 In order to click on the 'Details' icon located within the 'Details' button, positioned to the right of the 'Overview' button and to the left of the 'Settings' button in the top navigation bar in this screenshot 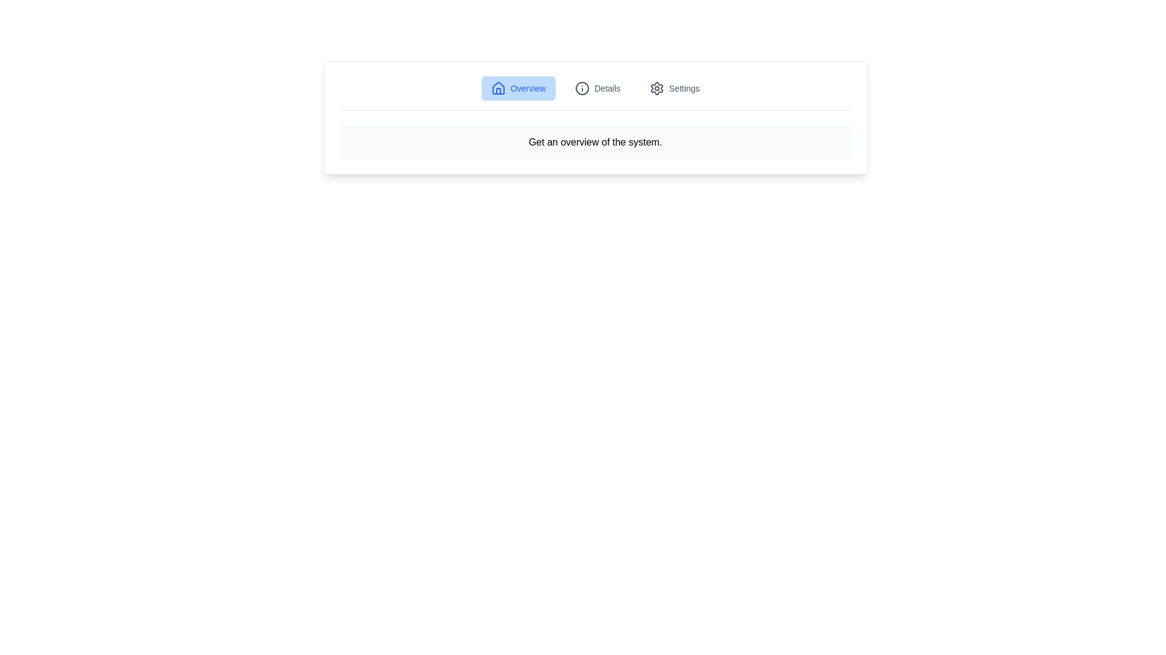, I will do `click(582, 88)`.